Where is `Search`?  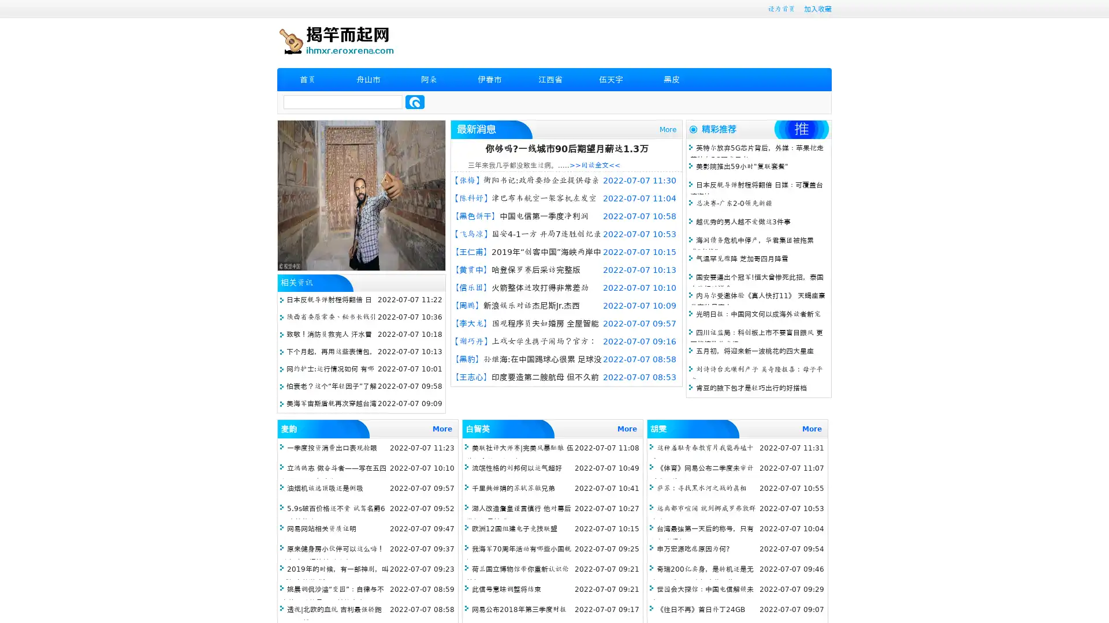 Search is located at coordinates (415, 102).